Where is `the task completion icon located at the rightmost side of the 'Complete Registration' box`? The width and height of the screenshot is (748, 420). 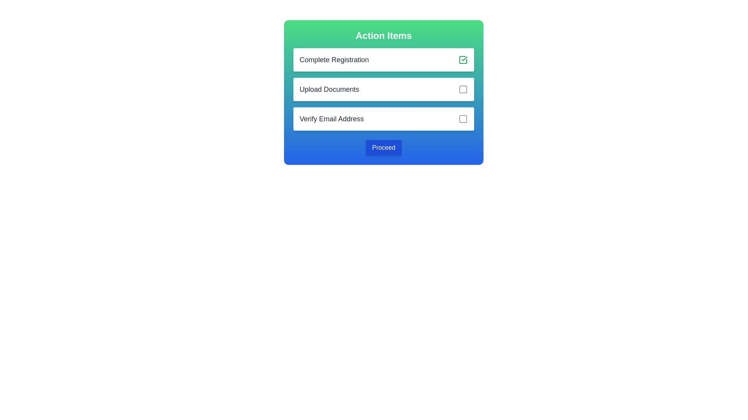
the task completion icon located at the rightmost side of the 'Complete Registration' box is located at coordinates (464, 58).